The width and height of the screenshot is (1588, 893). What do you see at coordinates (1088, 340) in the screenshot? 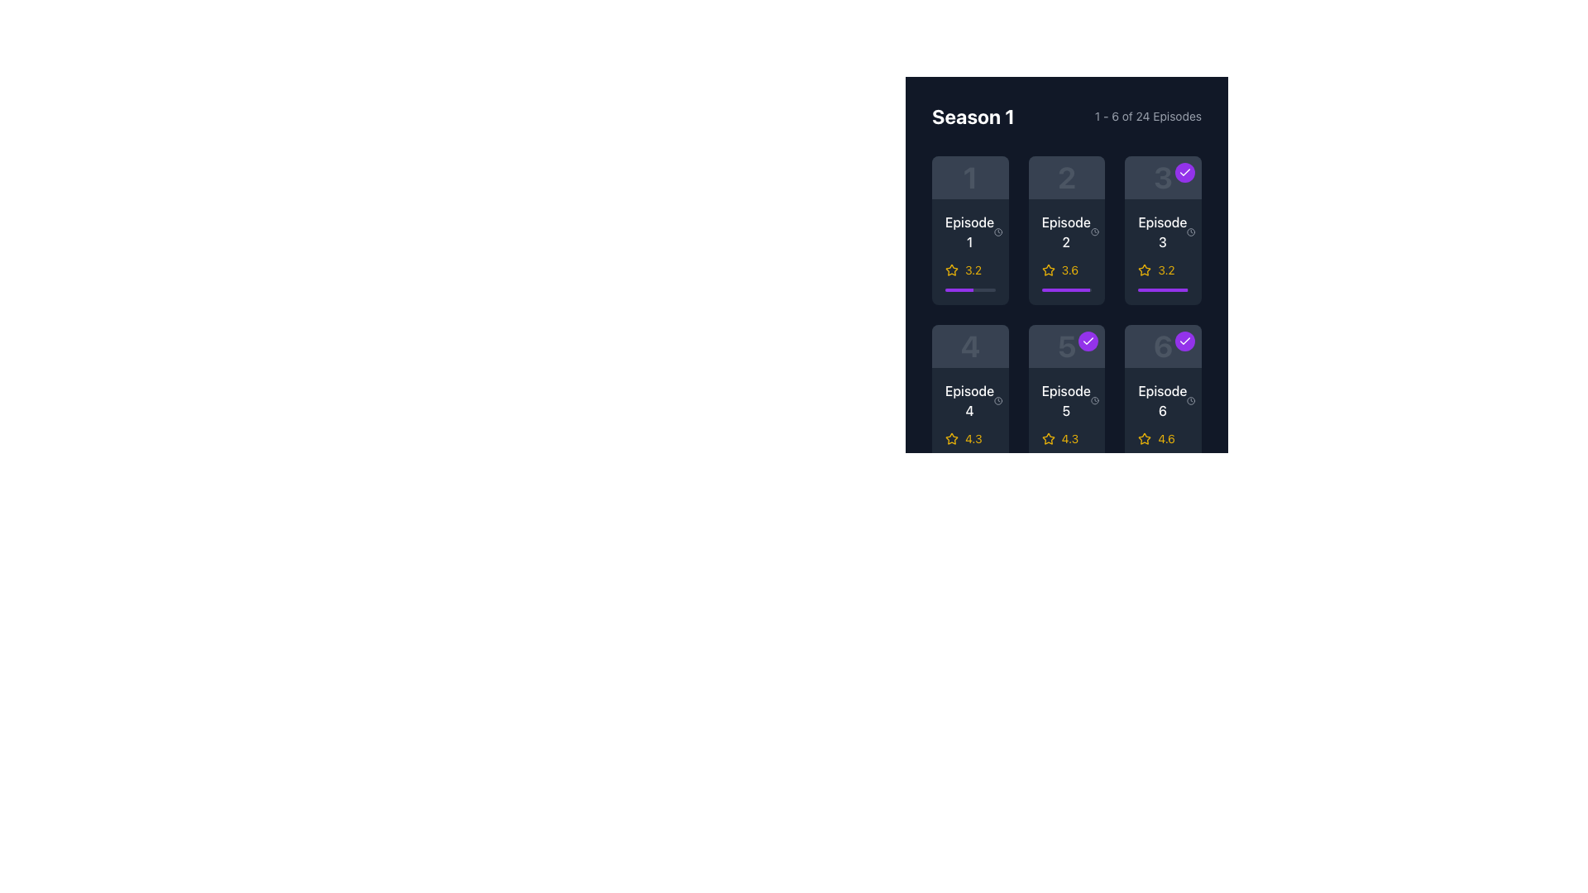
I see `the circular status icon with a purple background and a white checkmark in the top-right corner of the Episode 5 card` at bounding box center [1088, 340].